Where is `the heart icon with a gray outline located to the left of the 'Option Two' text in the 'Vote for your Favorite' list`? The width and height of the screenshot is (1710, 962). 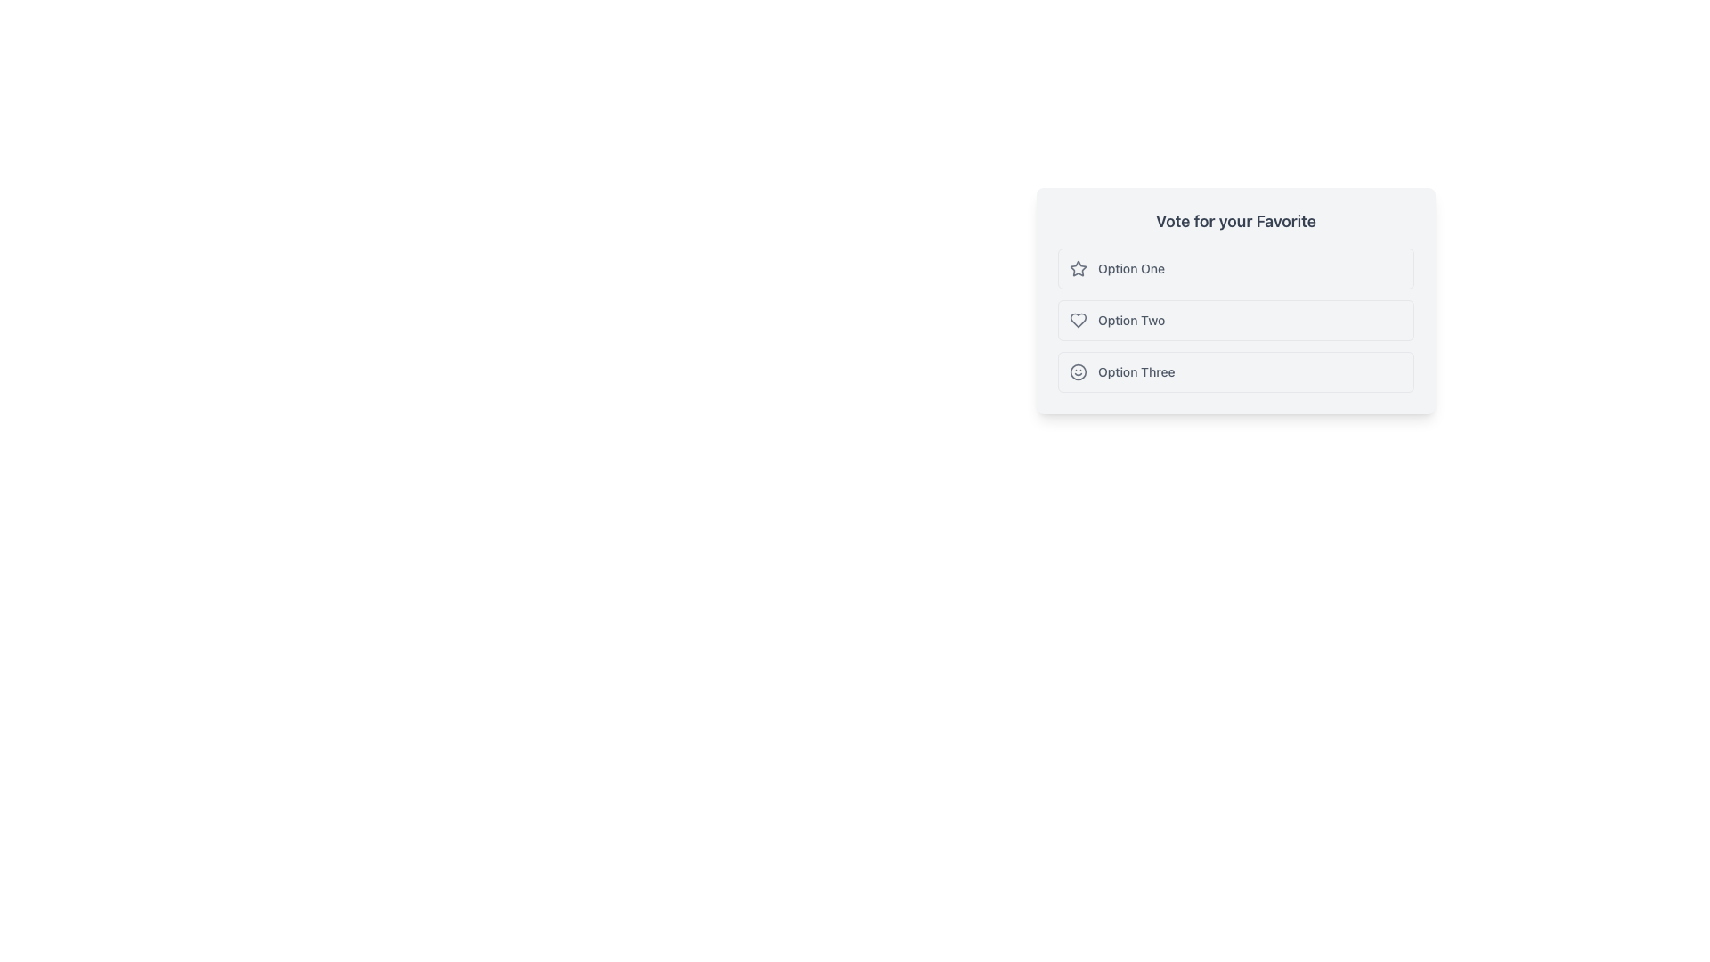
the heart icon with a gray outline located to the left of the 'Option Two' text in the 'Vote for your Favorite' list is located at coordinates (1077, 319).